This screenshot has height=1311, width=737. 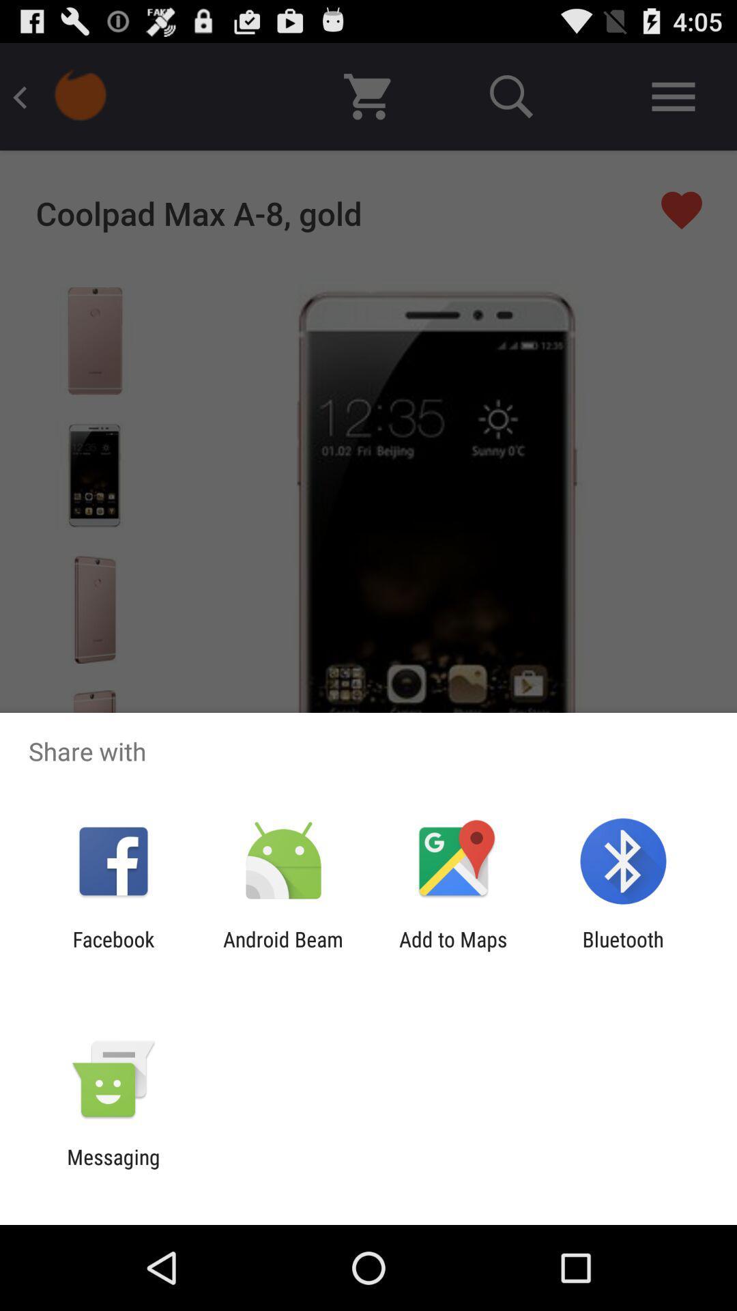 I want to click on the icon at the bottom right corner, so click(x=623, y=950).